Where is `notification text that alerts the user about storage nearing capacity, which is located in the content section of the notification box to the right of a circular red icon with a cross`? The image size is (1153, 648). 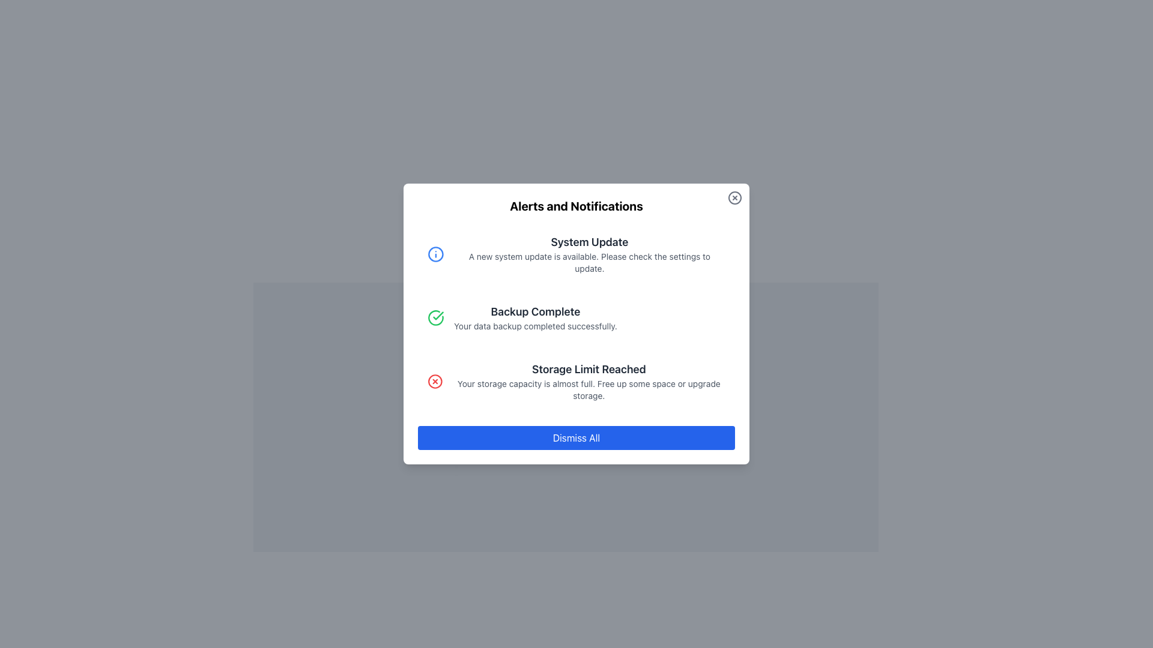
notification text that alerts the user about storage nearing capacity, which is located in the content section of the notification box to the right of a circular red icon with a cross is located at coordinates (589, 382).